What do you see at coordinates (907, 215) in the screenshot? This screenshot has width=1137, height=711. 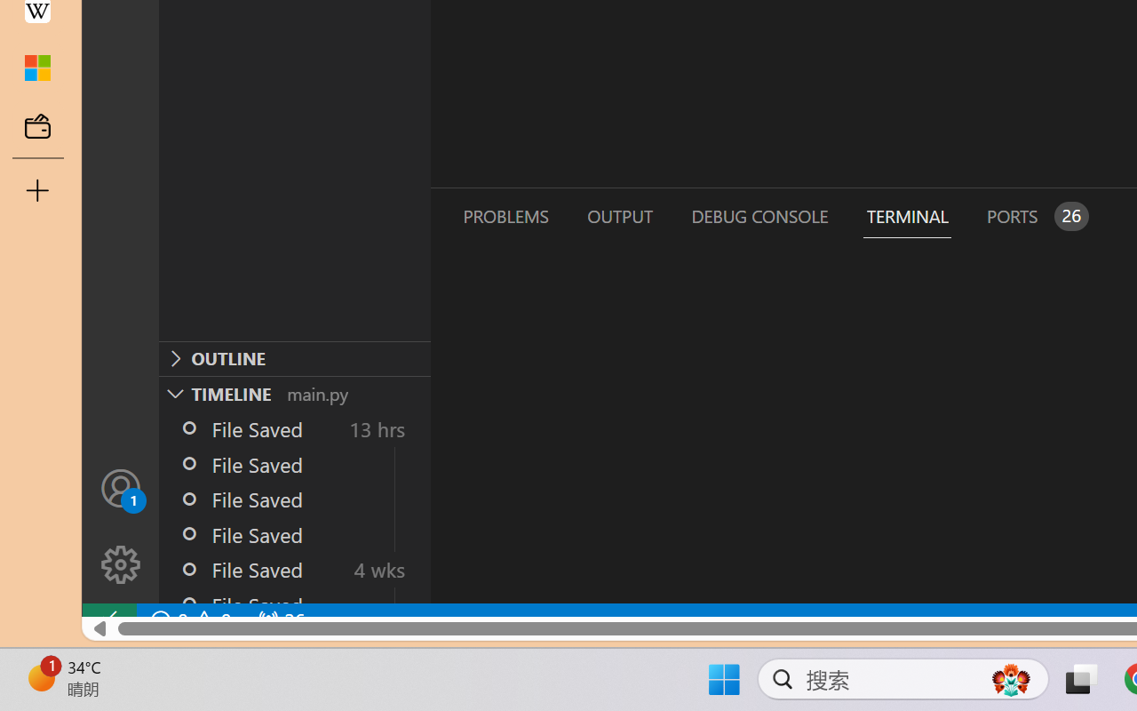 I see `'Terminal (Ctrl+`)'` at bounding box center [907, 215].